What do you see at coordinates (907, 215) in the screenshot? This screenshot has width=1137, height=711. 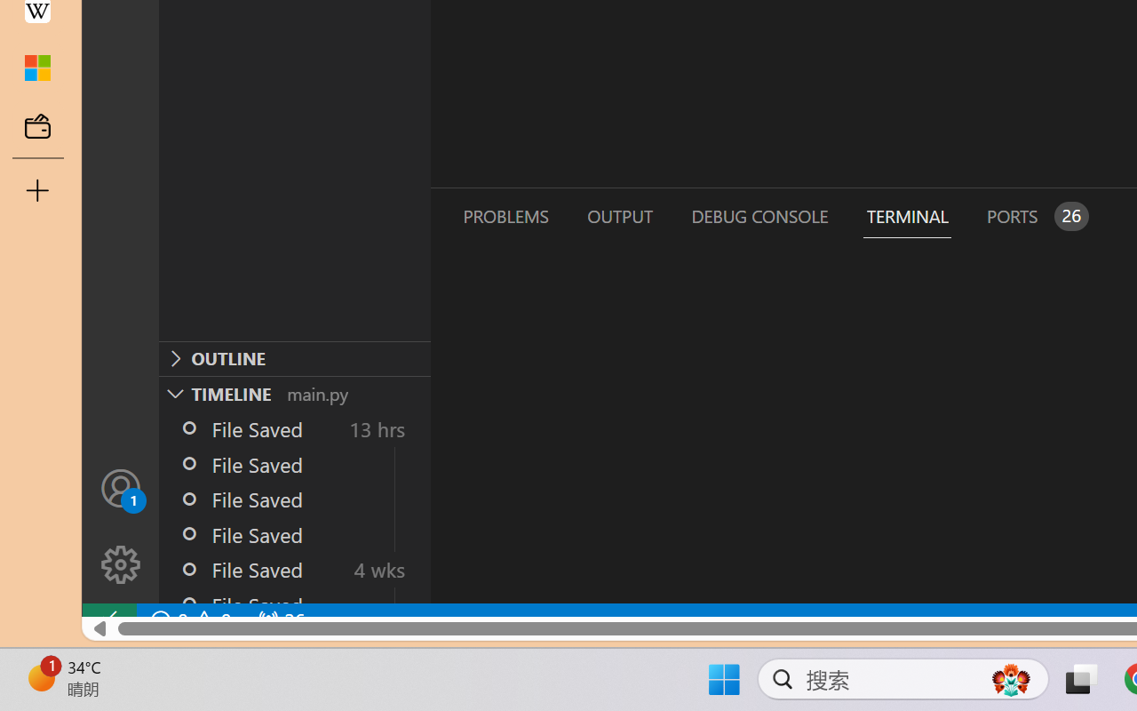 I see `'Terminal (Ctrl+`)'` at bounding box center [907, 215].